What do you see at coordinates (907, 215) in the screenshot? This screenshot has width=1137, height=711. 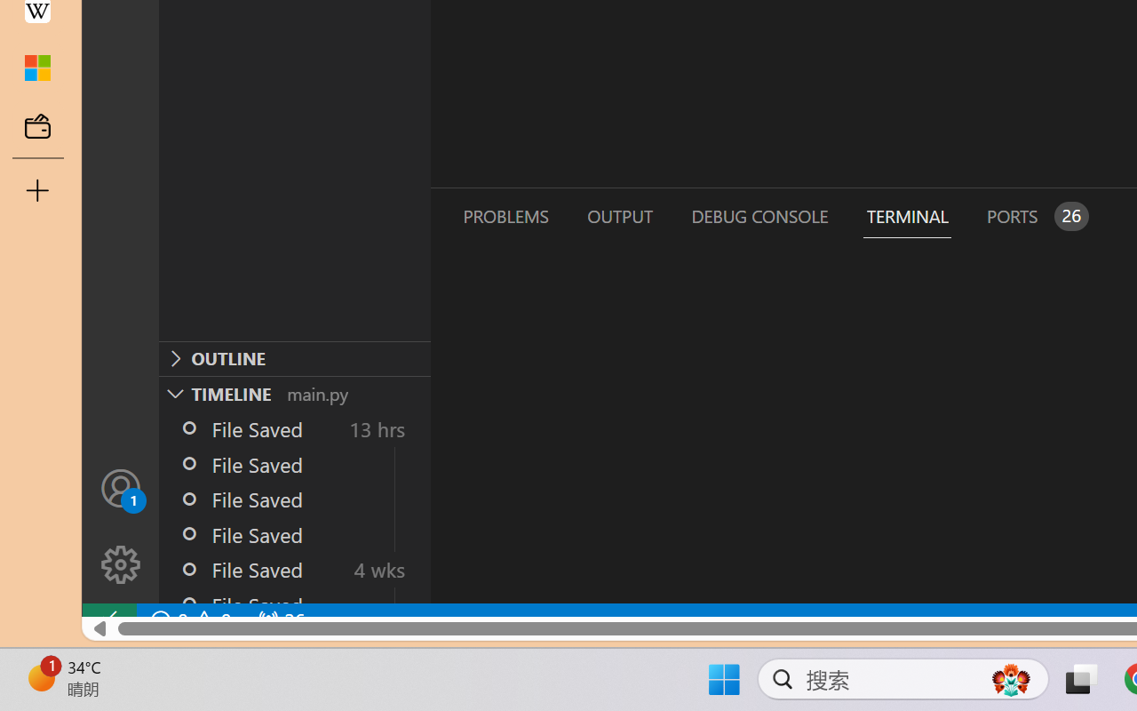 I see `'Terminal (Ctrl+`)'` at bounding box center [907, 215].